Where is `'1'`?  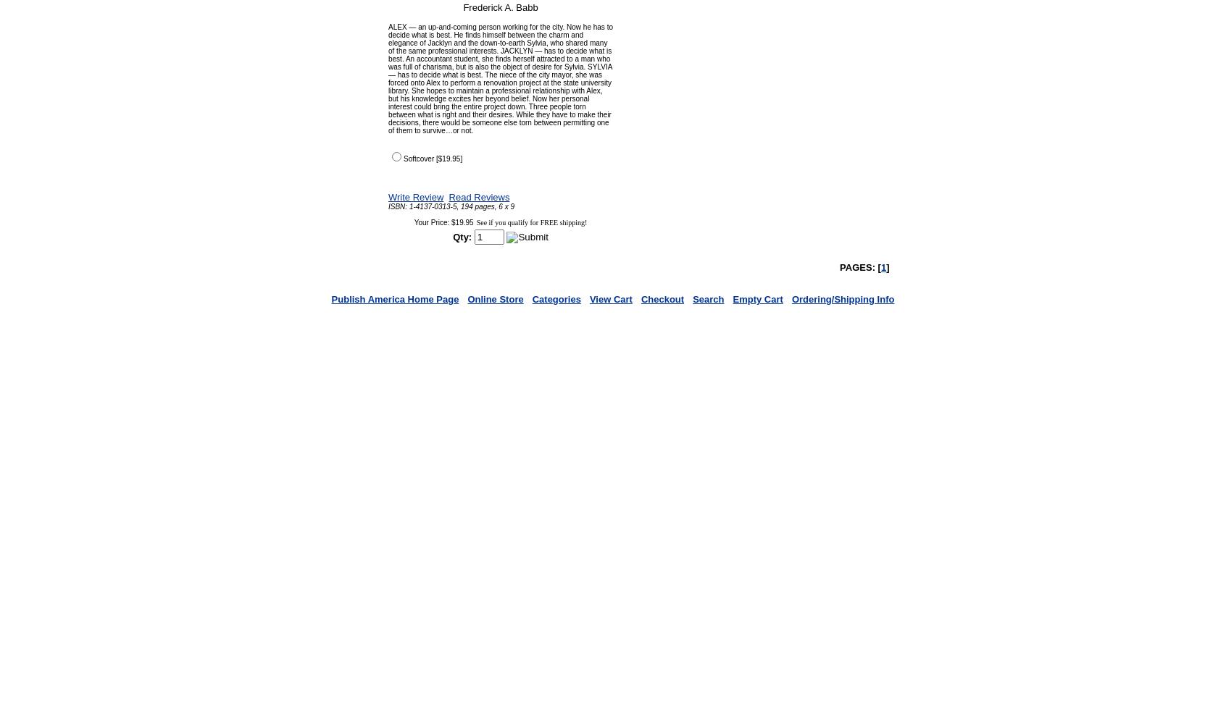
'1' is located at coordinates (880, 266).